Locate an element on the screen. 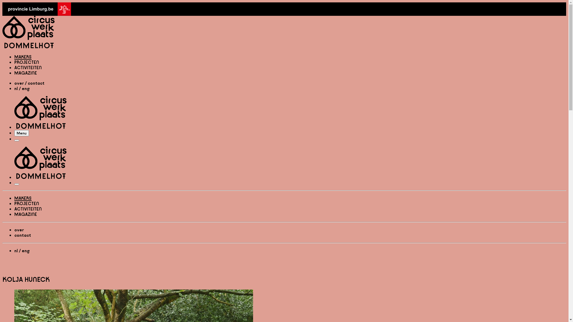 The width and height of the screenshot is (573, 322). 'PROJECTEN' is located at coordinates (26, 203).